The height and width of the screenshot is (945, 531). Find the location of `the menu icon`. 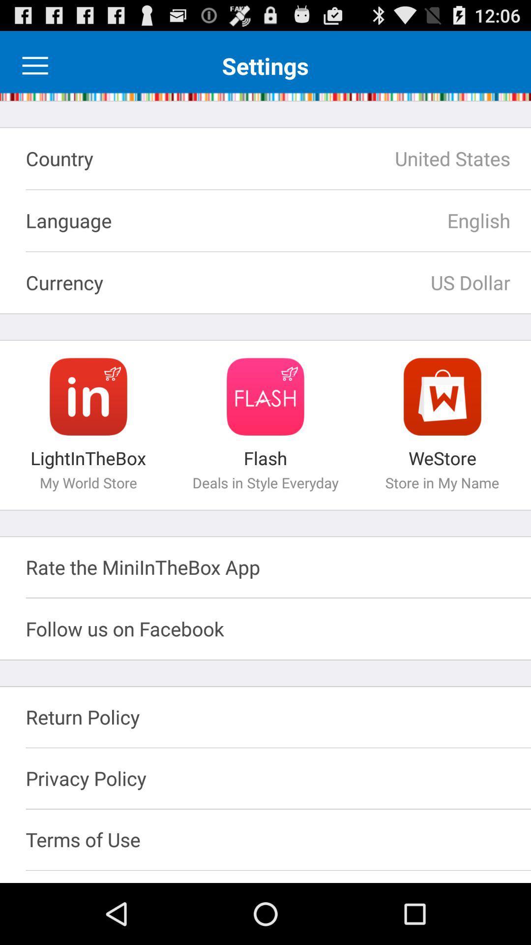

the menu icon is located at coordinates (34, 70).